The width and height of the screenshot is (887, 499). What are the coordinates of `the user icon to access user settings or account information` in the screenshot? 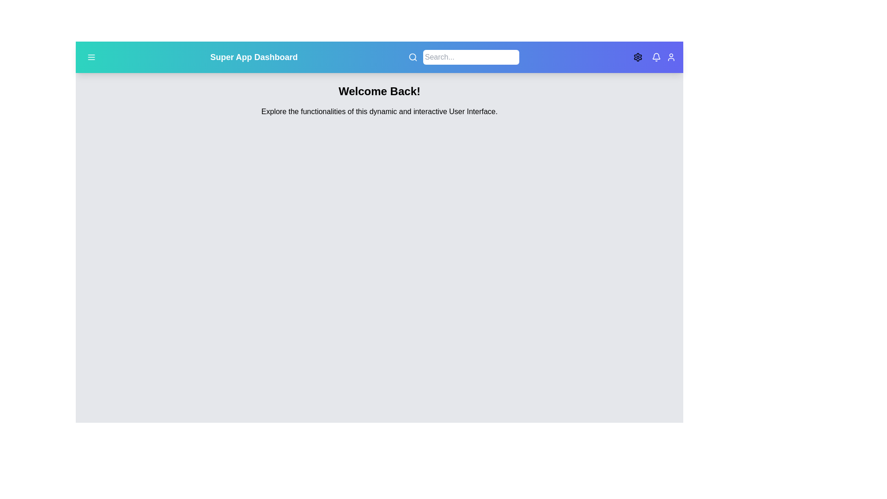 It's located at (671, 57).